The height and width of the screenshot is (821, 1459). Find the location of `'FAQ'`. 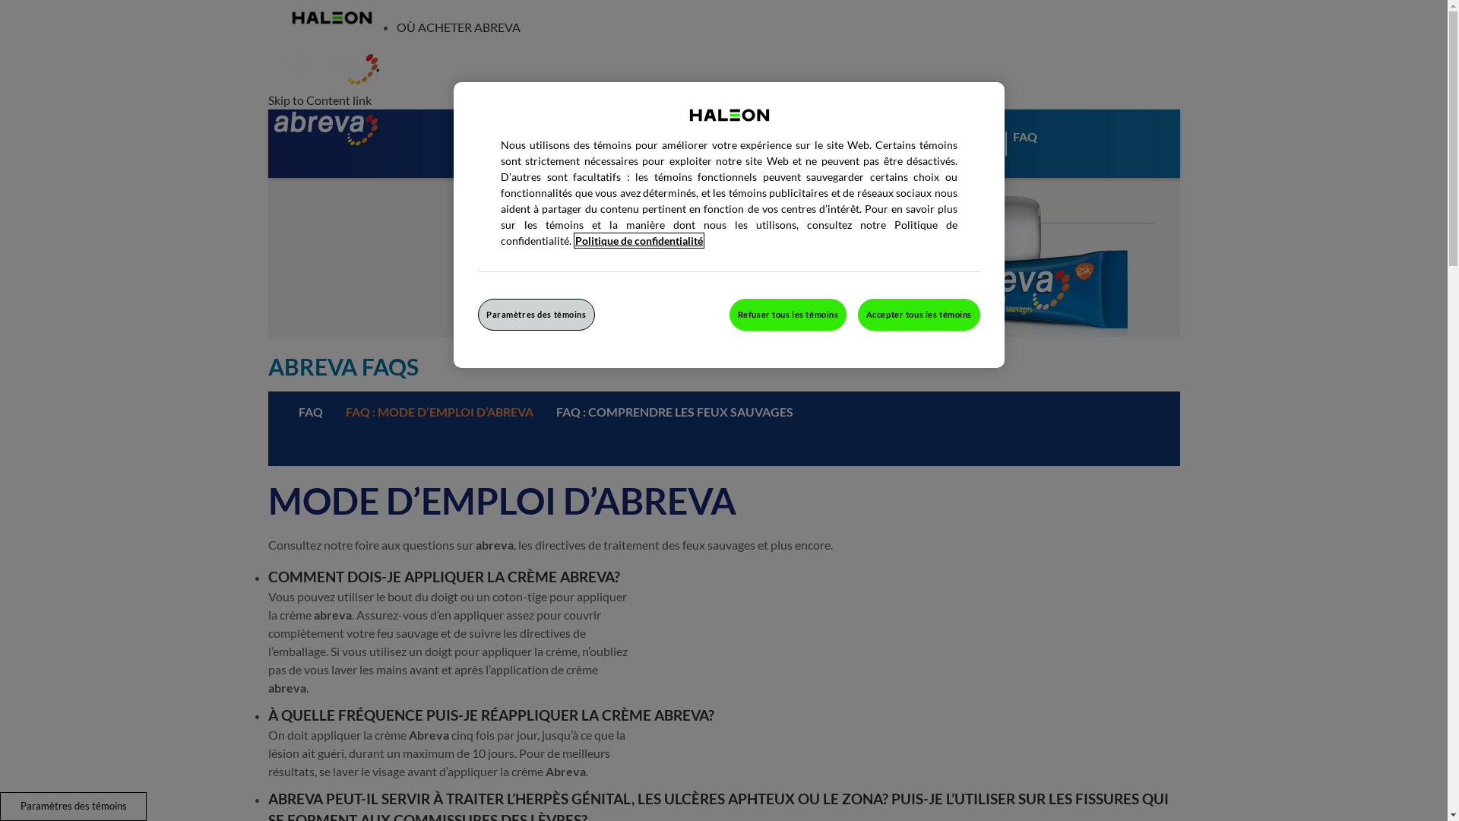

'FAQ' is located at coordinates (309, 412).